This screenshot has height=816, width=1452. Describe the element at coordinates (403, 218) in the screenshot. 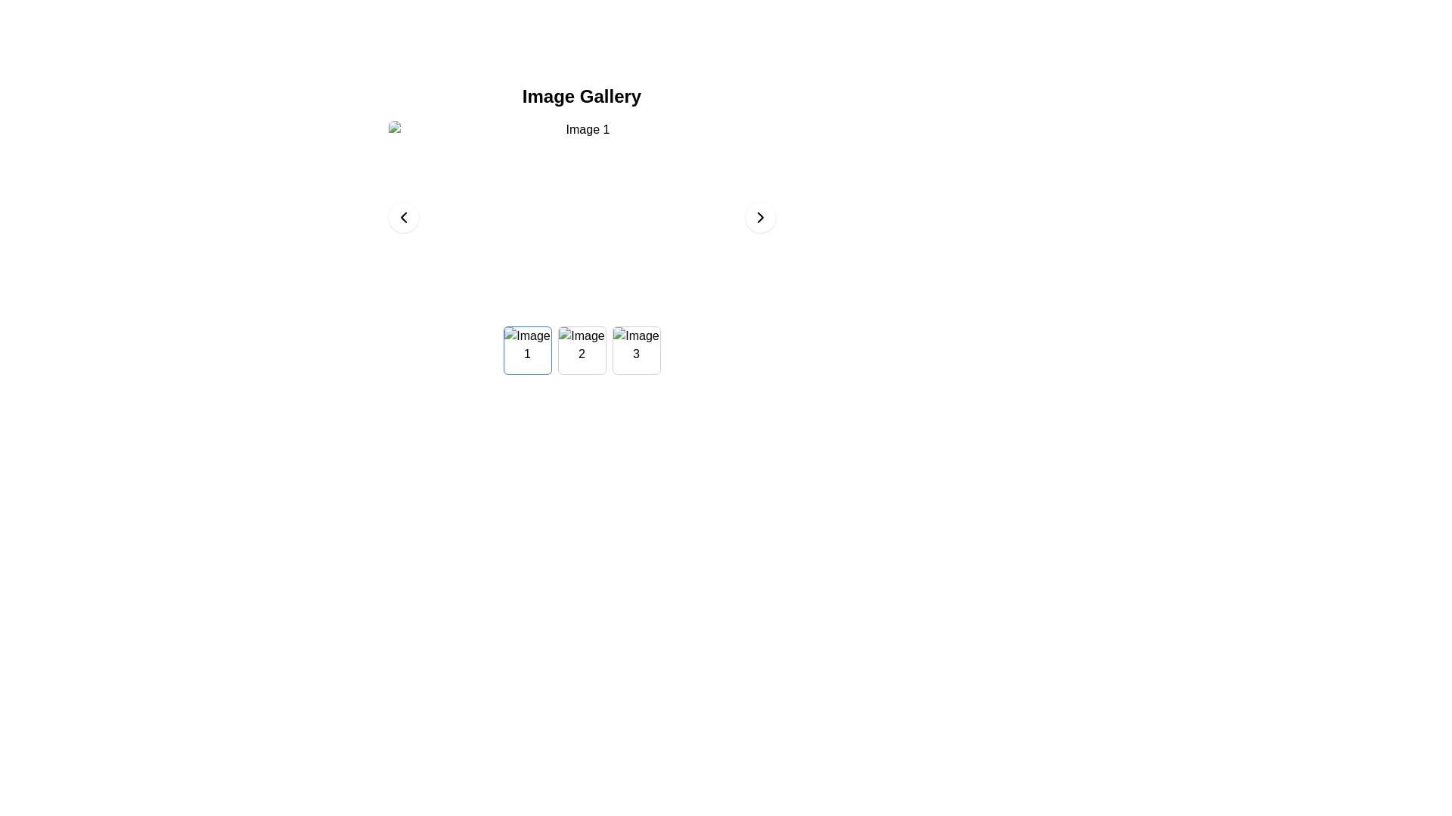

I see `the left-facing chevron icon, which is characterized by its arrow-like shape pointing to the left and is located in the upper-left corner of the interface for navigation purposes` at that location.